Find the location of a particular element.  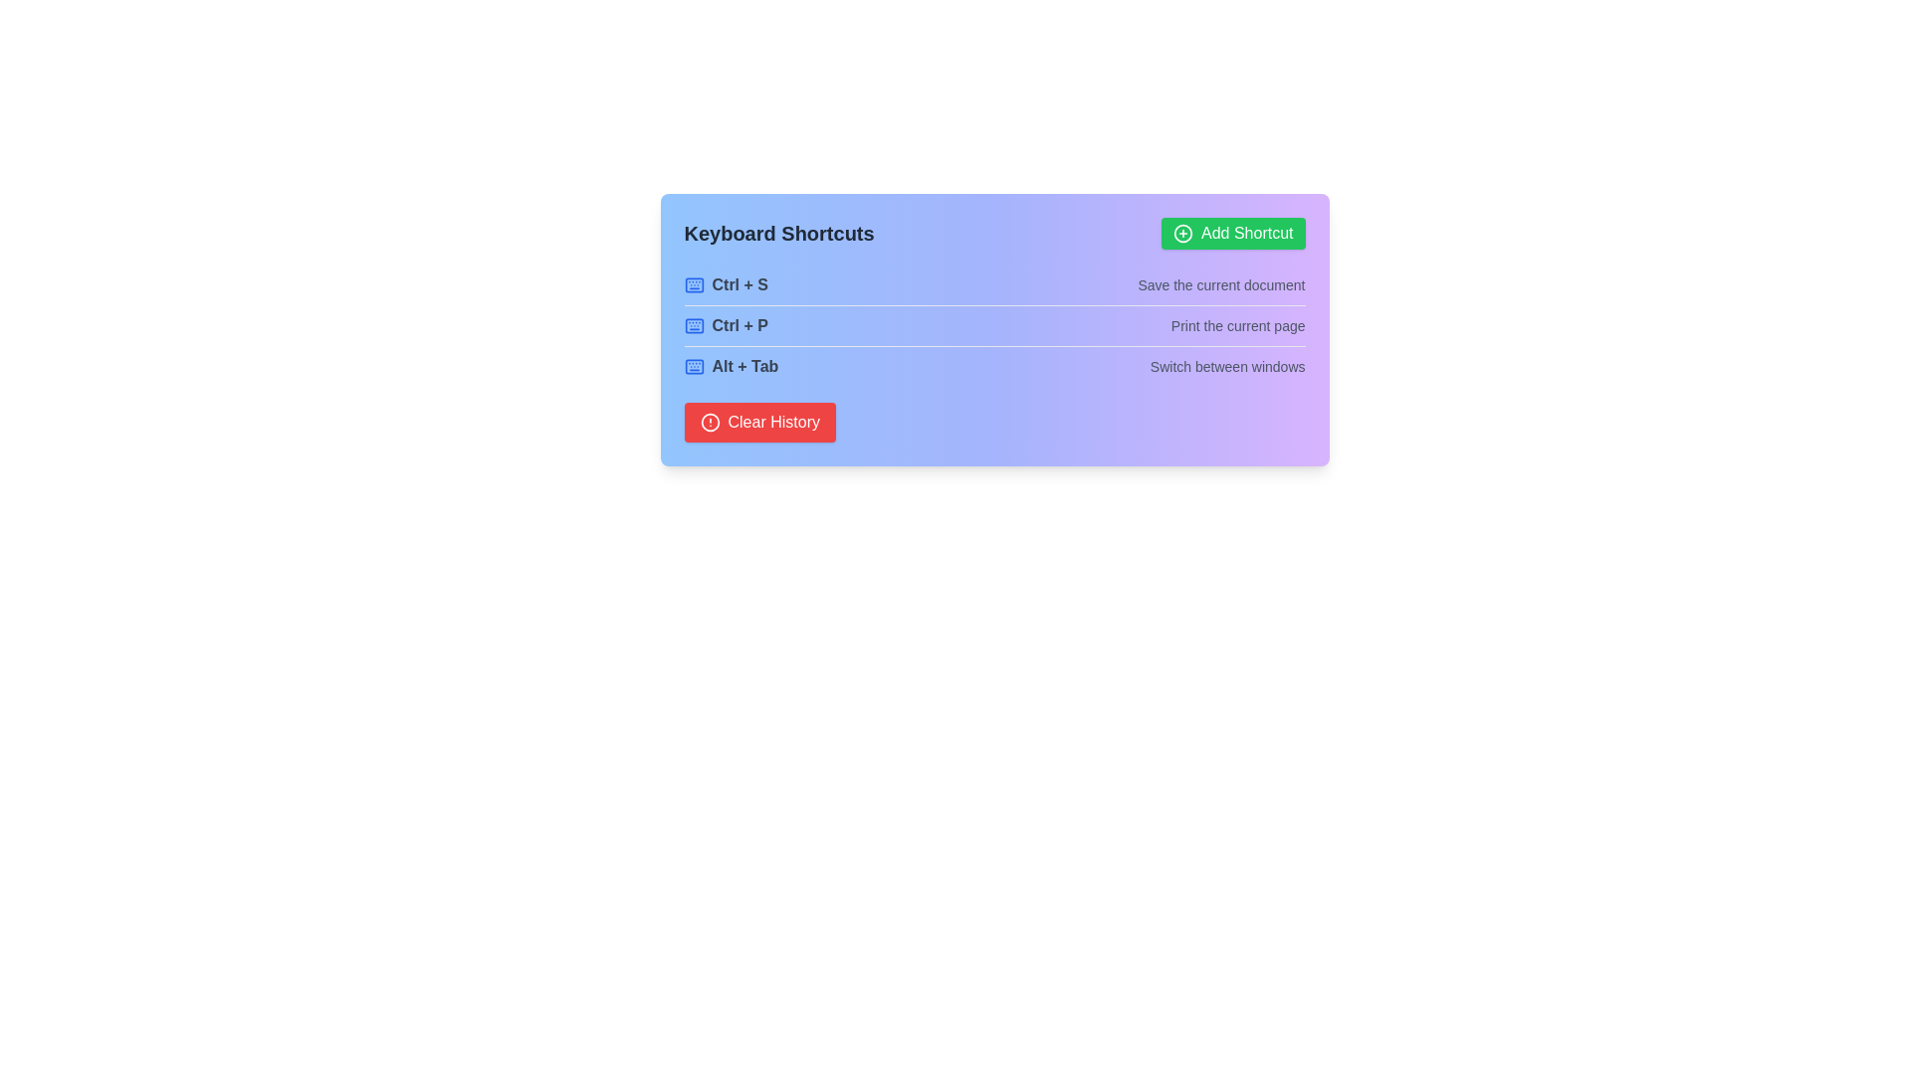

the visual representation of the print command icon associated with the 'Ctrl + P' shortcut, located near the left side of the row in the Keyboard Shortcuts list is located at coordinates (694, 324).